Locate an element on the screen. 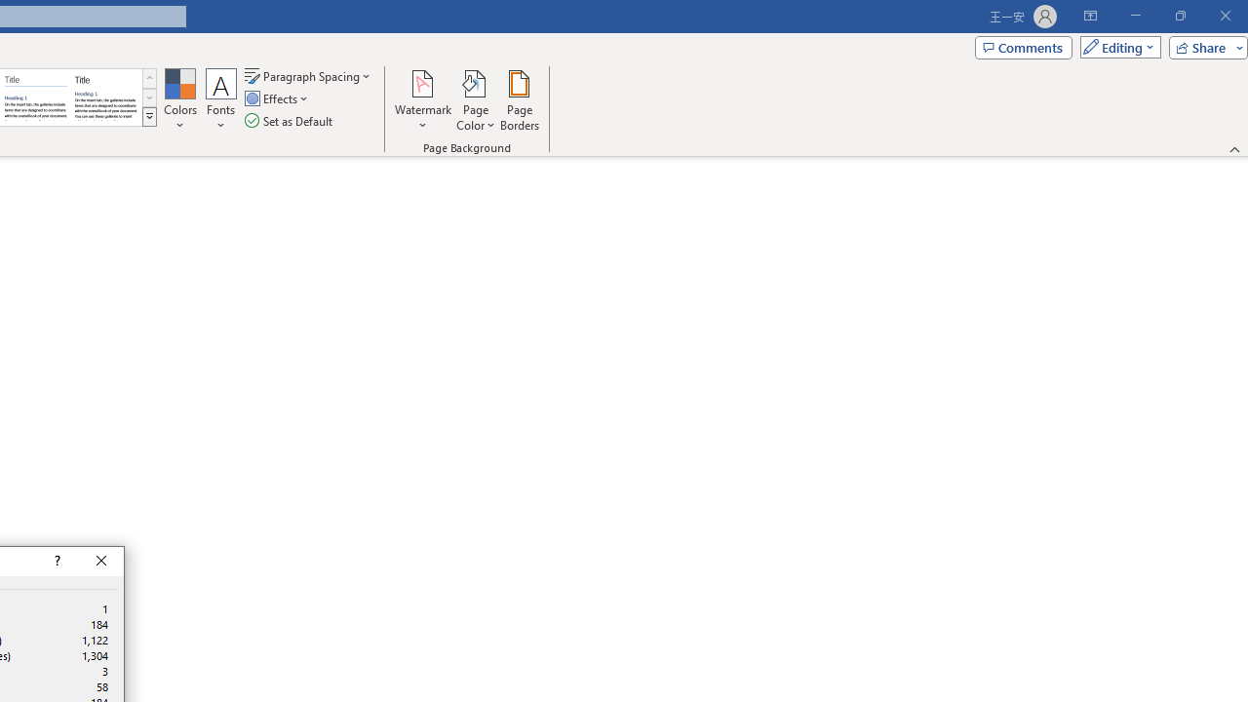 This screenshot has width=1248, height=702. 'Editing' is located at coordinates (1115, 46).